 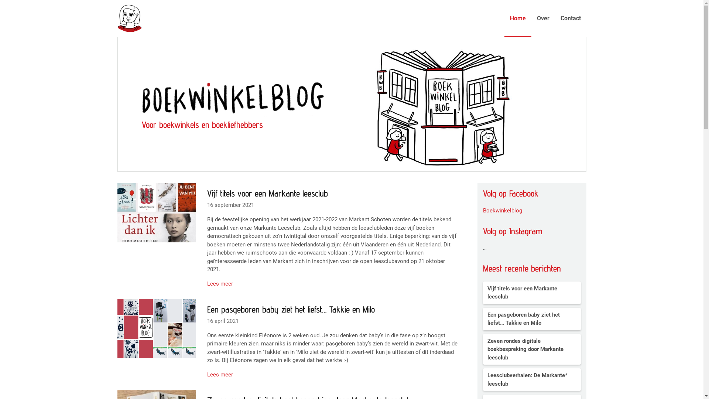 What do you see at coordinates (570, 18) in the screenshot?
I see `'Contact'` at bounding box center [570, 18].